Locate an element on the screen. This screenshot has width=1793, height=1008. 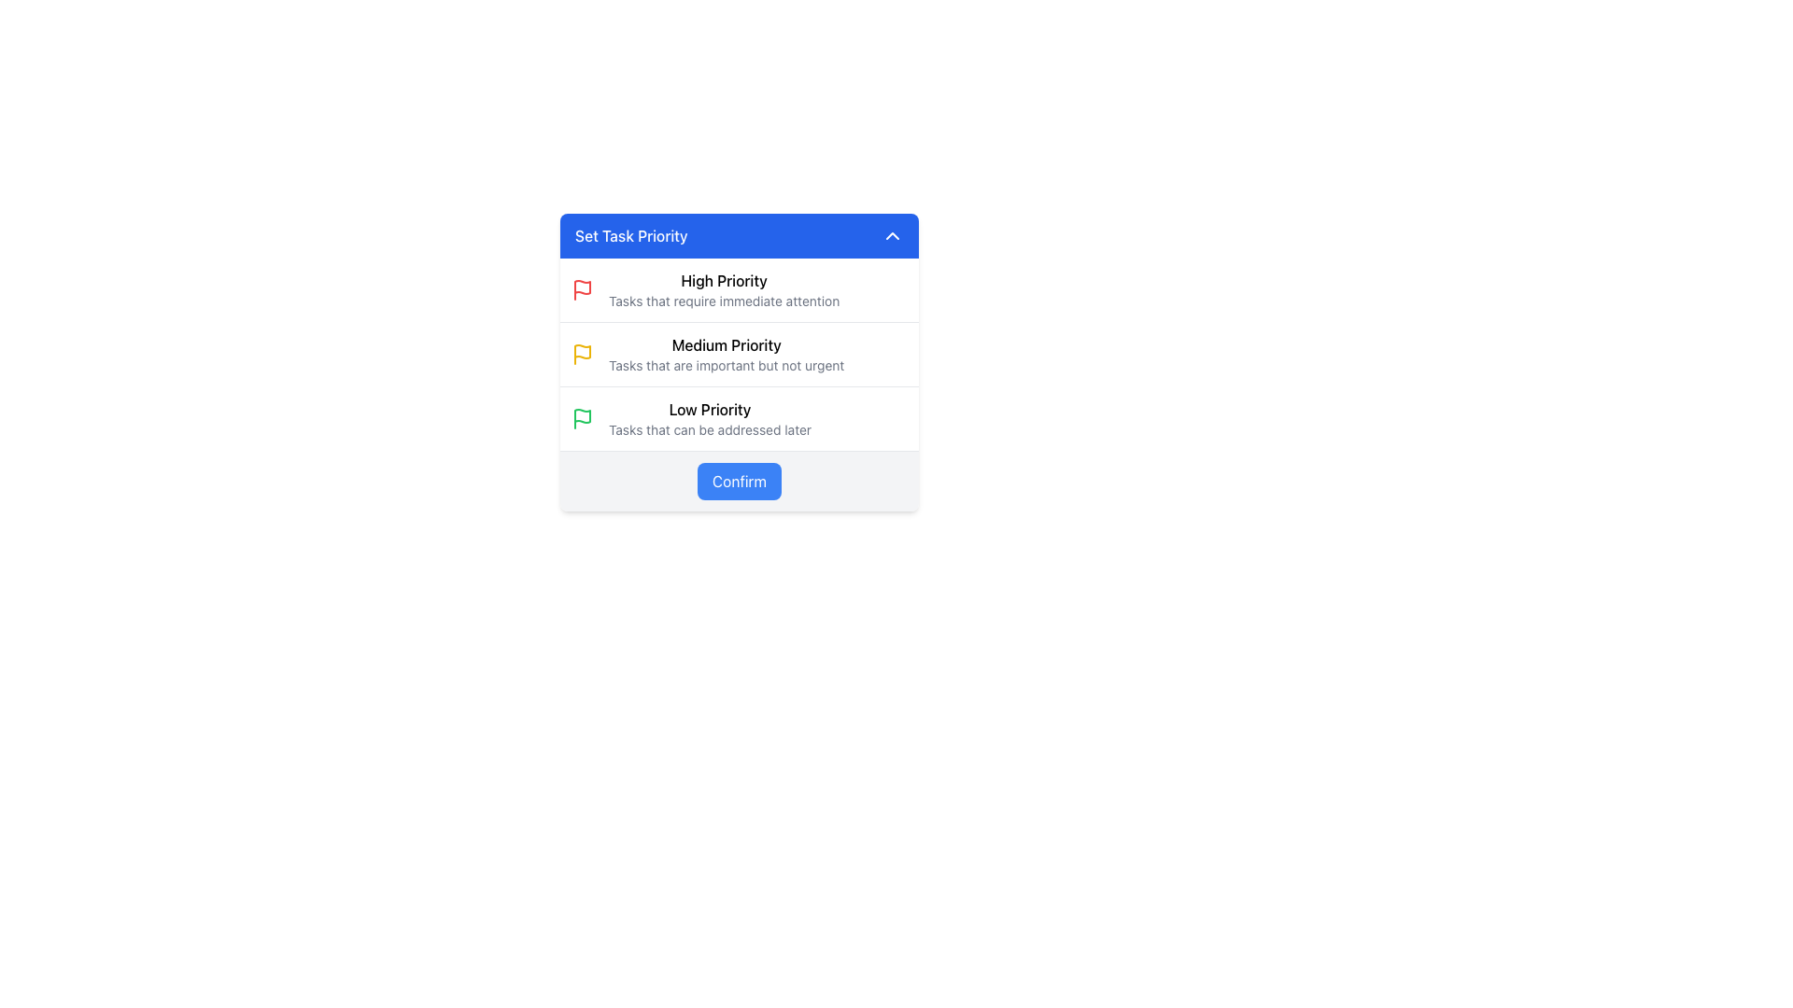
the yellow flag icon located in the 'Medium Priority' section, which is the first element preceding the text 'Medium Priority' is located at coordinates (582, 355).